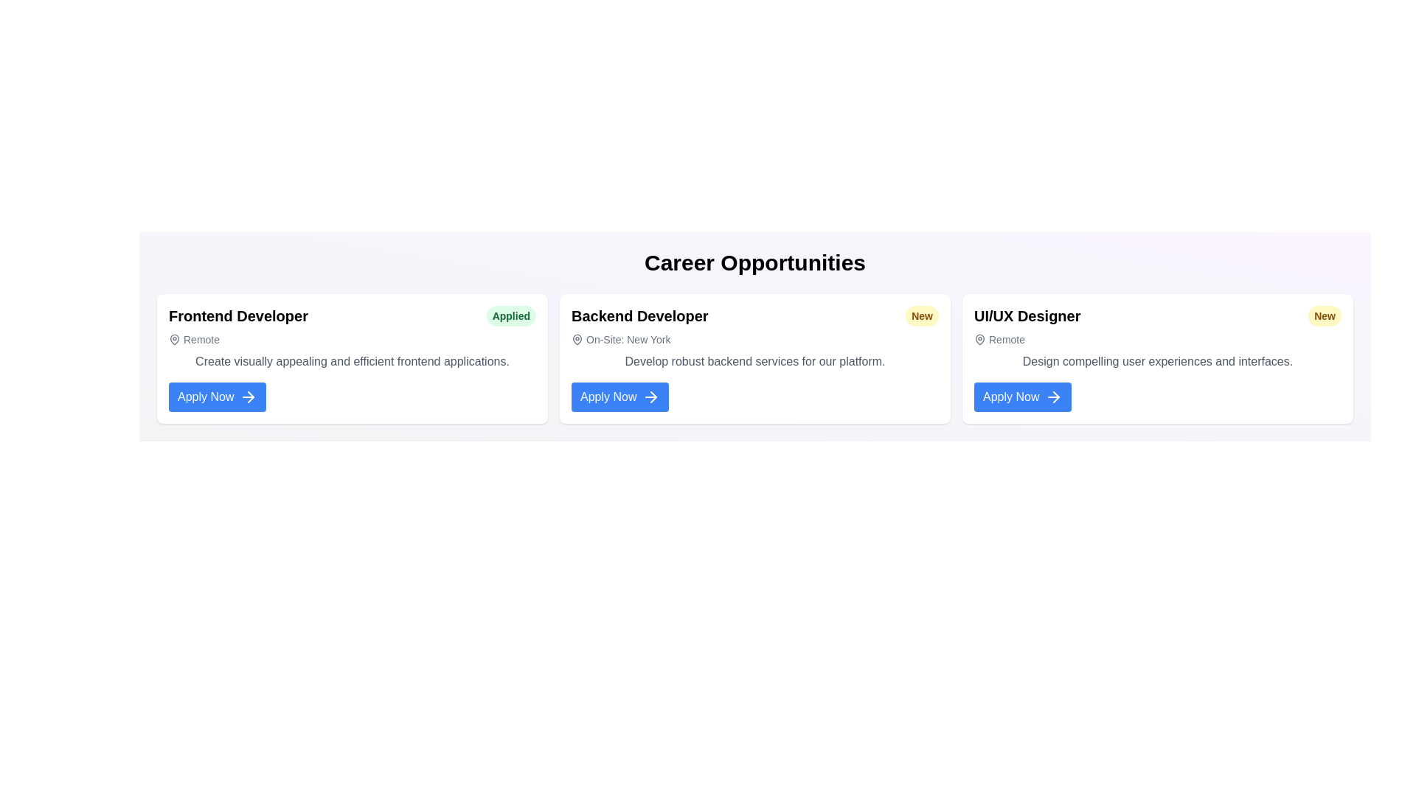  Describe the element at coordinates (650, 397) in the screenshot. I see `the right-pointing arrow icon in the 'Apply Now' button on the 'Backend Developer' card, which is centrally located among the three job opportunity cards` at that location.